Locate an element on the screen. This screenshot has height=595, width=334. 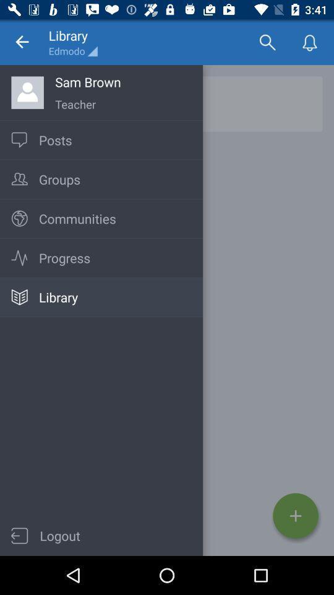
the icon which is before library is located at coordinates (19, 297).